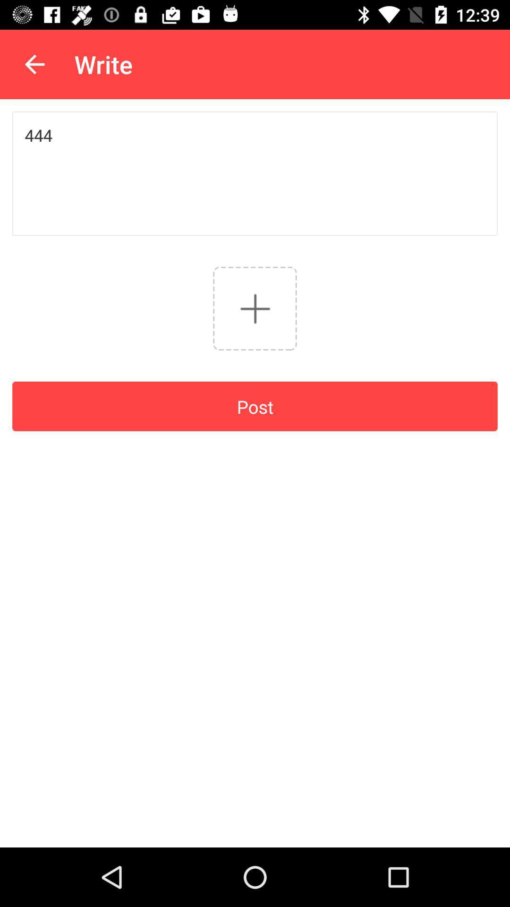 The width and height of the screenshot is (510, 907). I want to click on the item above the 444 icon, so click(34, 64).